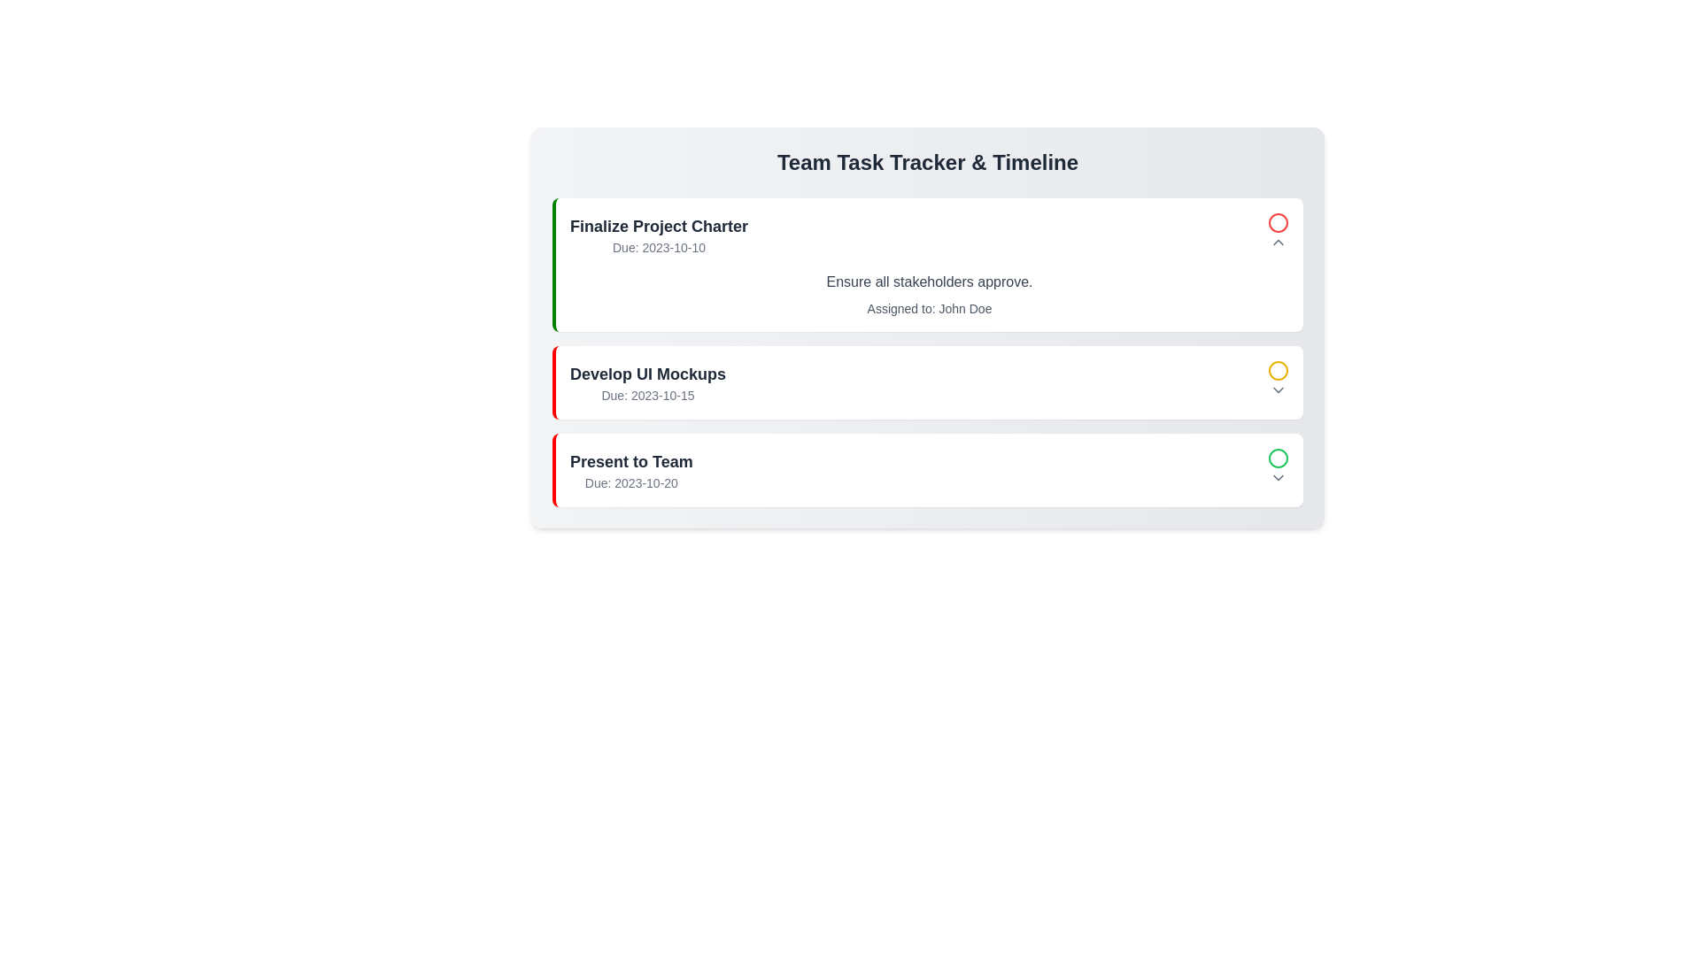 This screenshot has height=956, width=1700. I want to click on the text label reading 'Due: 2023-10-10', located below the heading 'Finalize Project Charter', so click(658, 247).